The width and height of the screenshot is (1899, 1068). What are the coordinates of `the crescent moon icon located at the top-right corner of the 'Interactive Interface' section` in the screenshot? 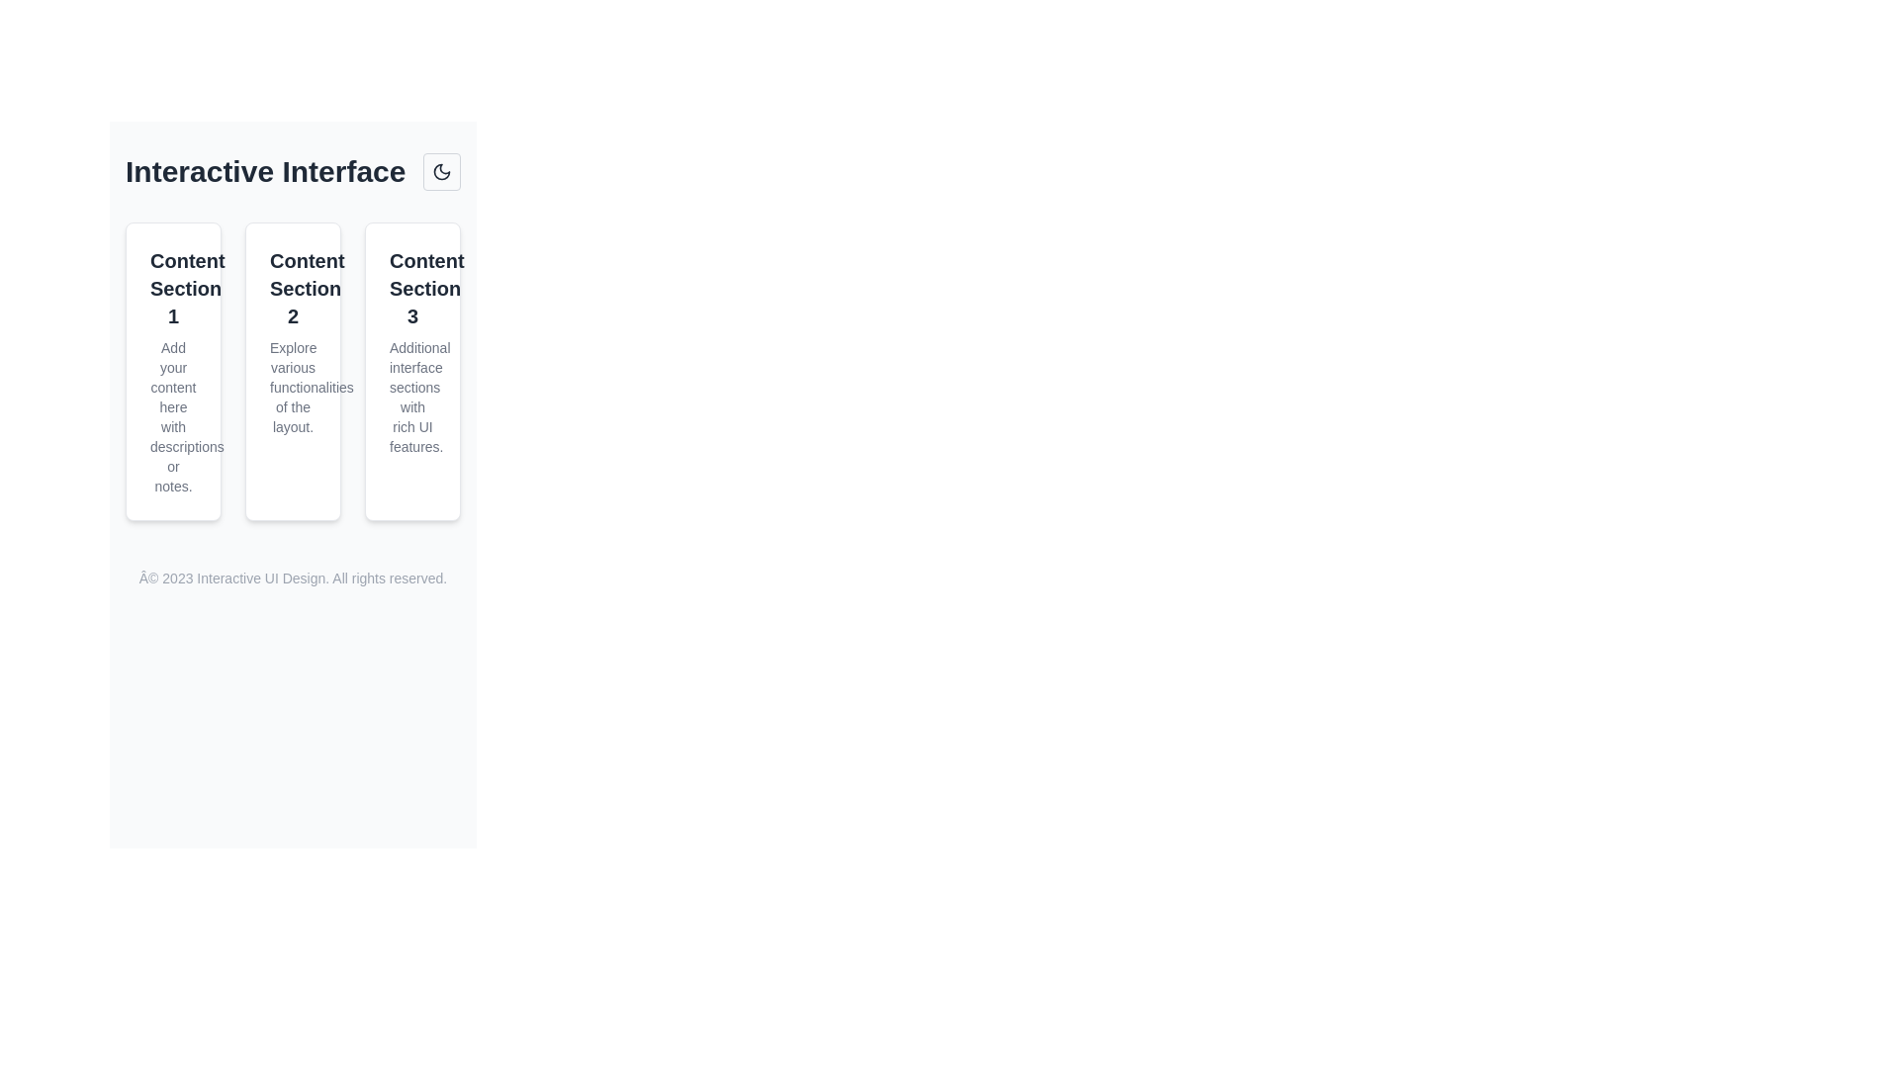 It's located at (440, 170).